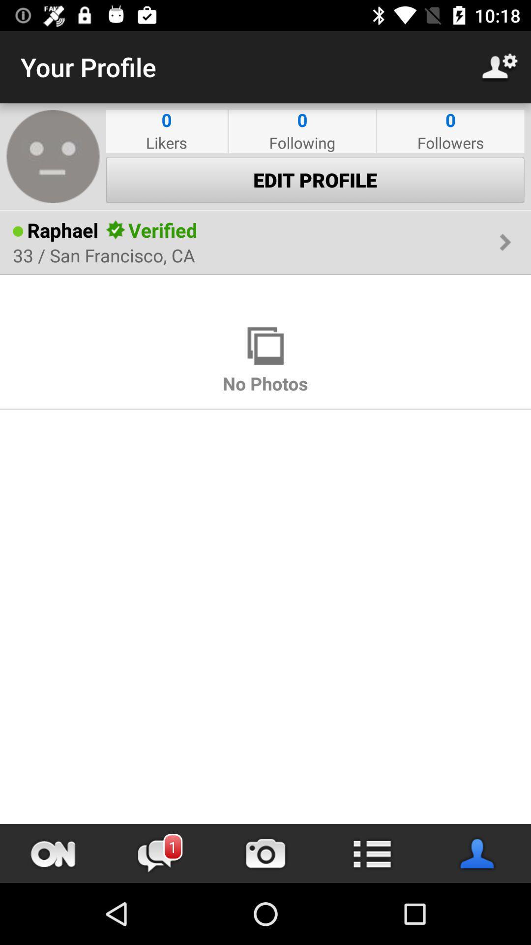 Image resolution: width=531 pixels, height=945 pixels. I want to click on open contacts, so click(477, 853).